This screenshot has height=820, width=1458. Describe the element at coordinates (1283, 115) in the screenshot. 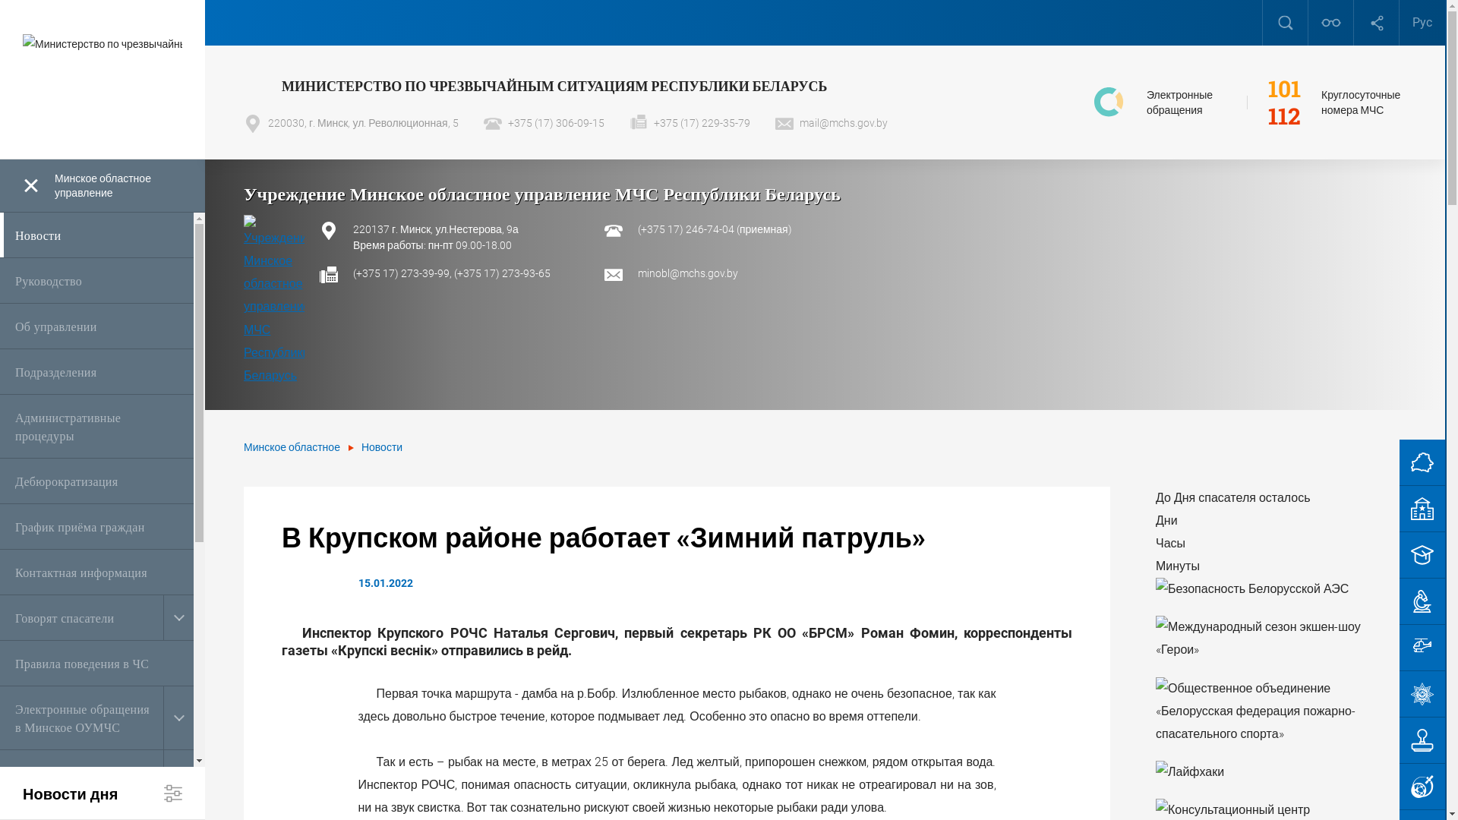

I see `'112'` at that location.